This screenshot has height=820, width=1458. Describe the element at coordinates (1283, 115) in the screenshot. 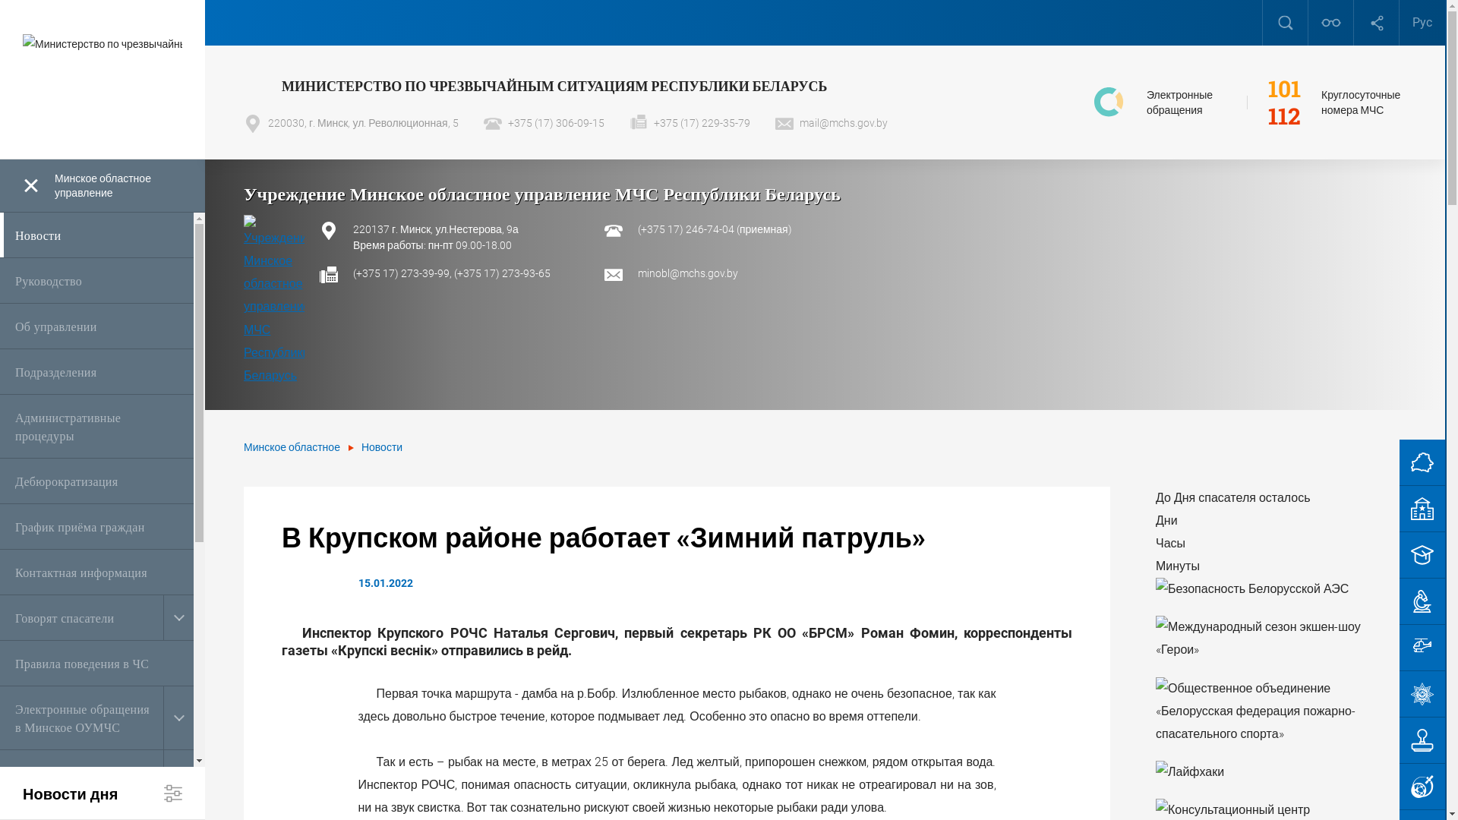

I see `'112'` at that location.